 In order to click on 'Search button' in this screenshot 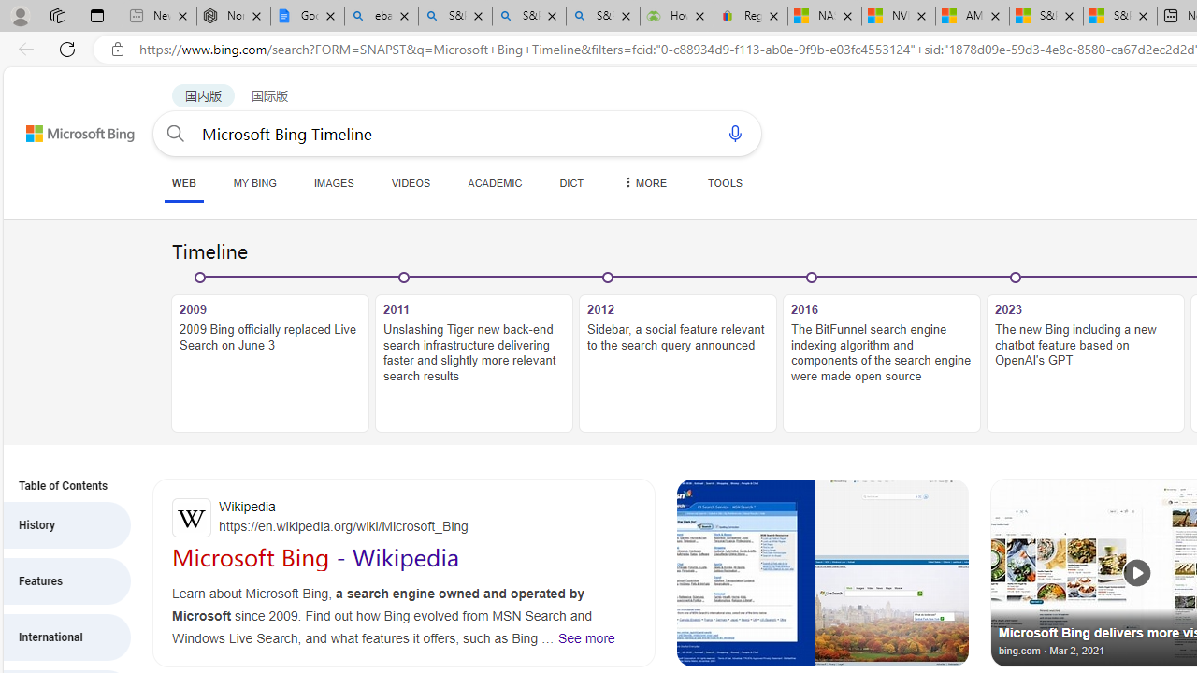, I will do `click(175, 132)`.